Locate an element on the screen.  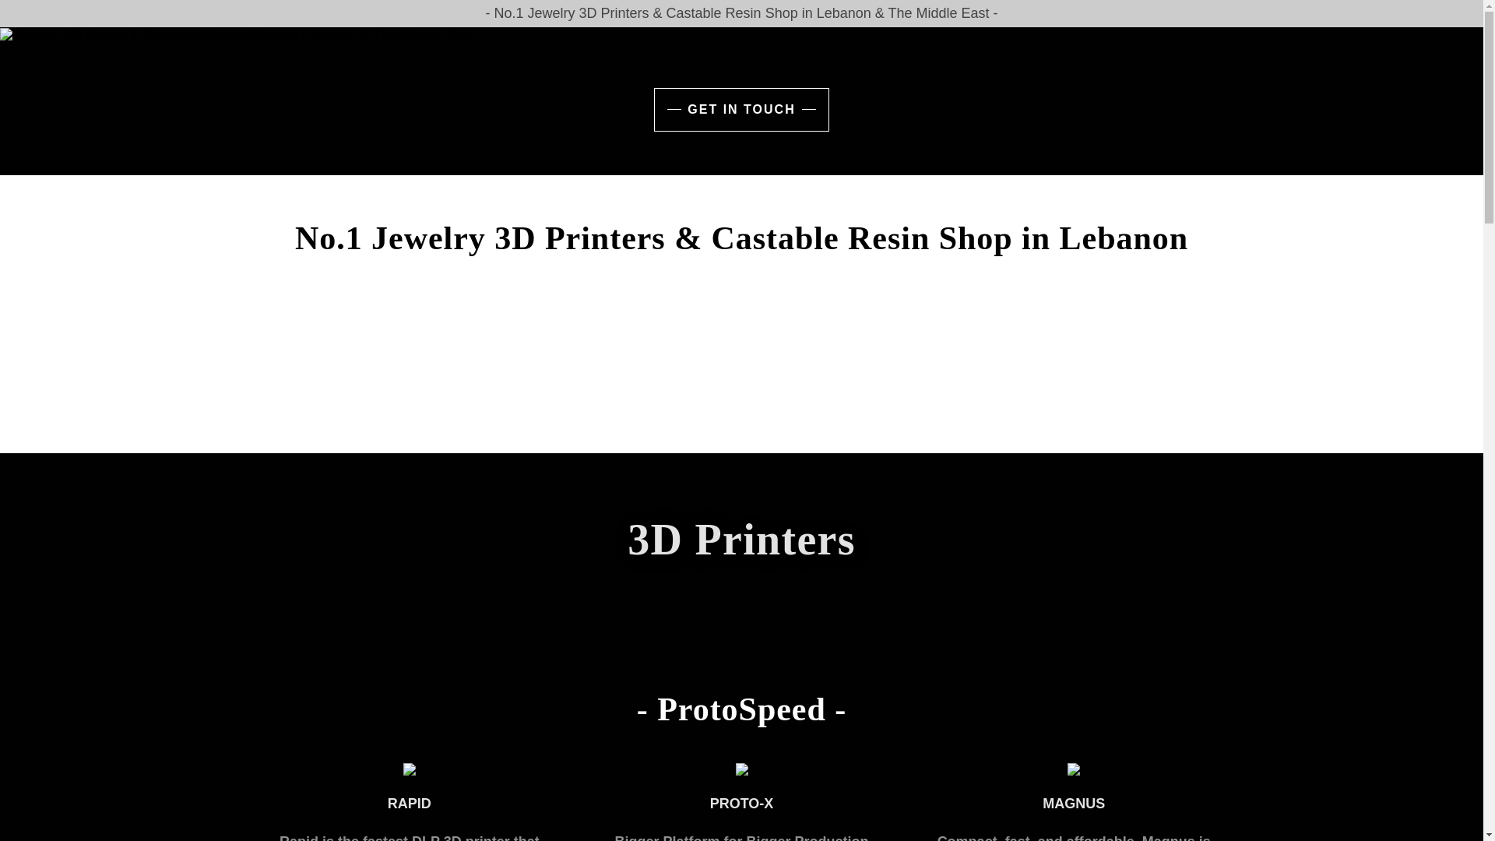
'GET IN TOUCH' is located at coordinates (740, 109).